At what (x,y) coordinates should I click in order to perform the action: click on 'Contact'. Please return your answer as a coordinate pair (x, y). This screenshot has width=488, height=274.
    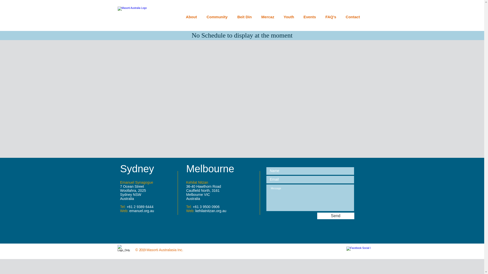
    Looking at the image, I should click on (353, 16).